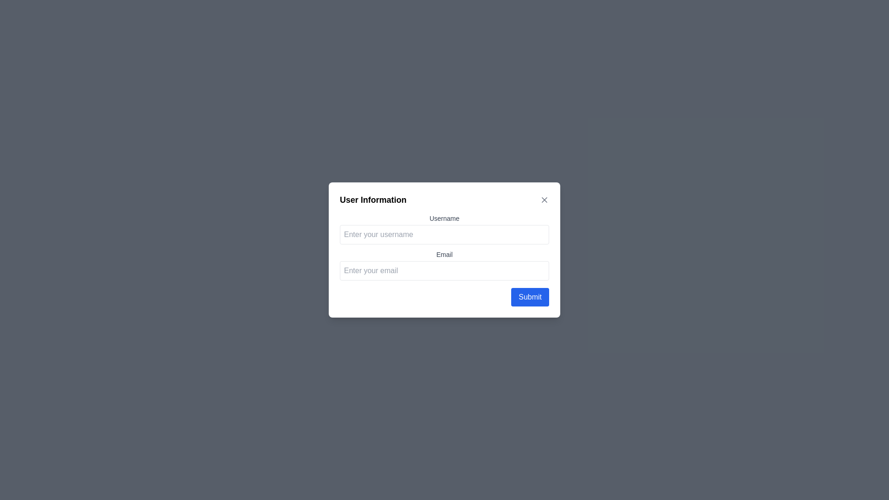  Describe the element at coordinates (444, 265) in the screenshot. I see `the input field labeled 'Email' to focus on it within the 'User Information' modal dialog` at that location.